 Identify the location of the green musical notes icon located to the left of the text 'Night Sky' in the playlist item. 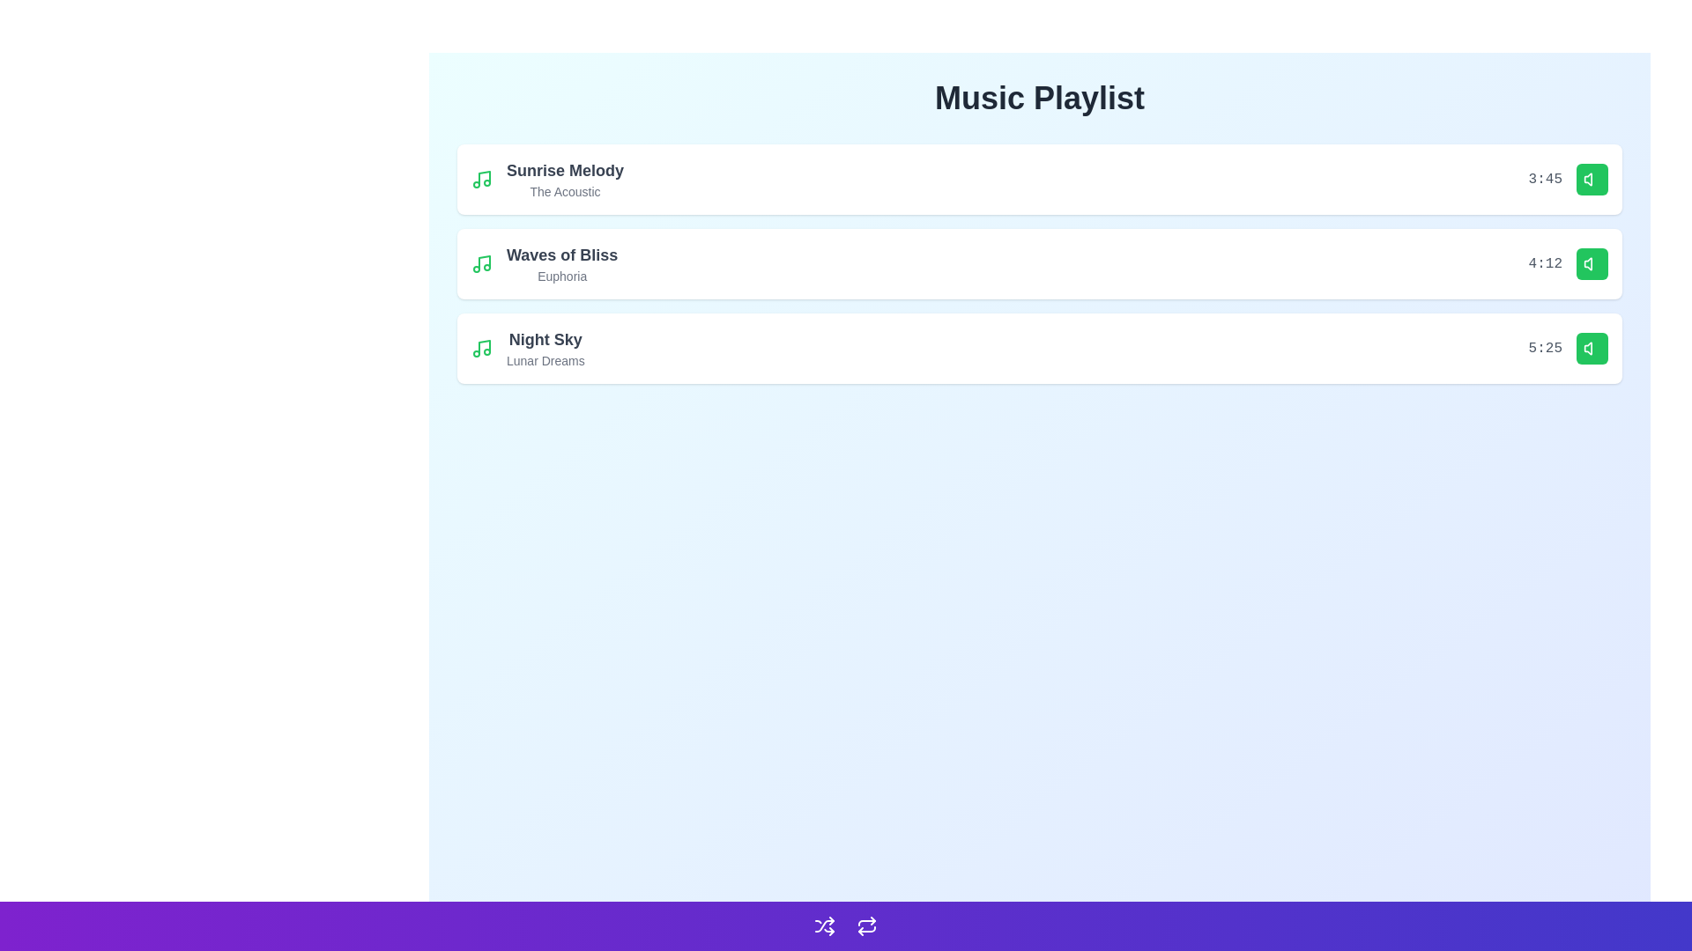
(482, 349).